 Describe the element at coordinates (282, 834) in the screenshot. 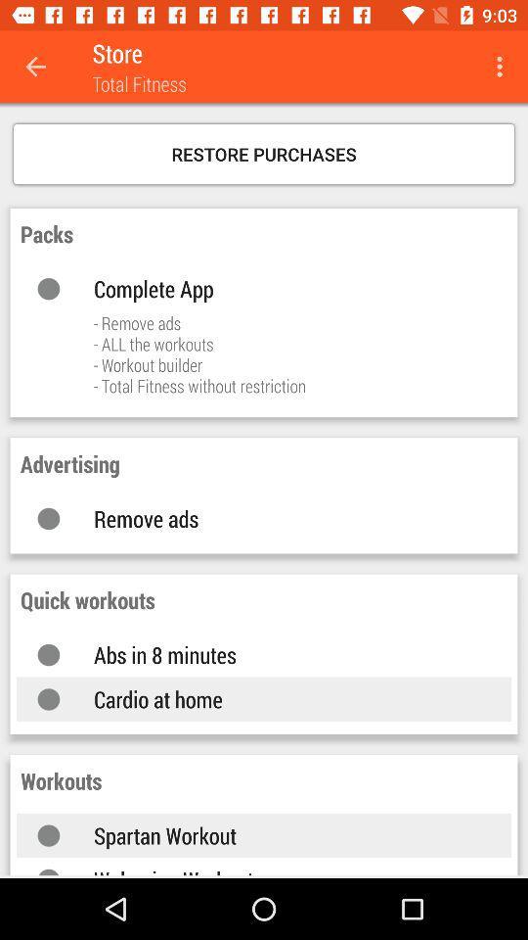

I see `the spartan workout` at that location.